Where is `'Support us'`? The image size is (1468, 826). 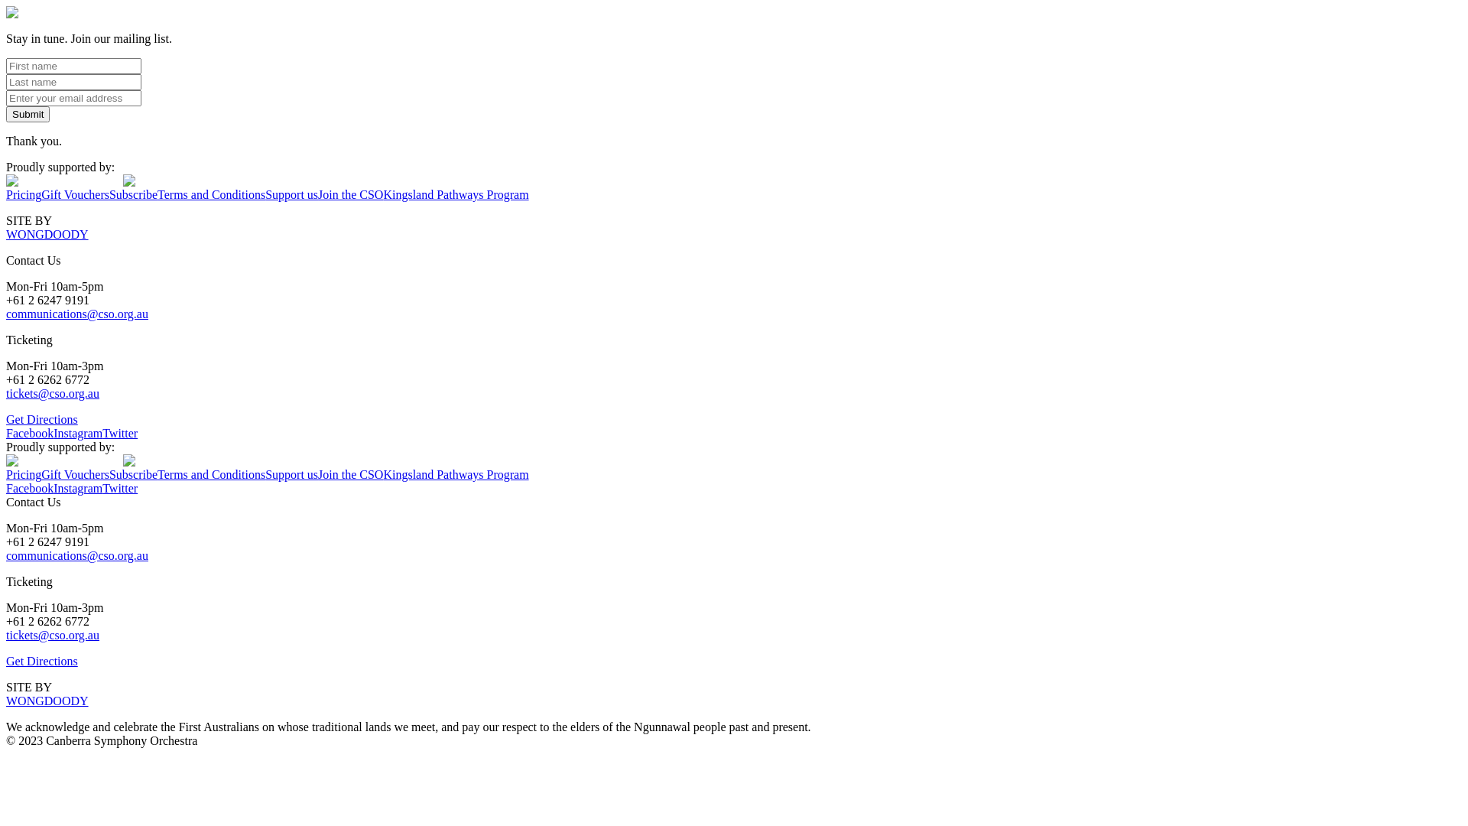 'Support us' is located at coordinates (291, 473).